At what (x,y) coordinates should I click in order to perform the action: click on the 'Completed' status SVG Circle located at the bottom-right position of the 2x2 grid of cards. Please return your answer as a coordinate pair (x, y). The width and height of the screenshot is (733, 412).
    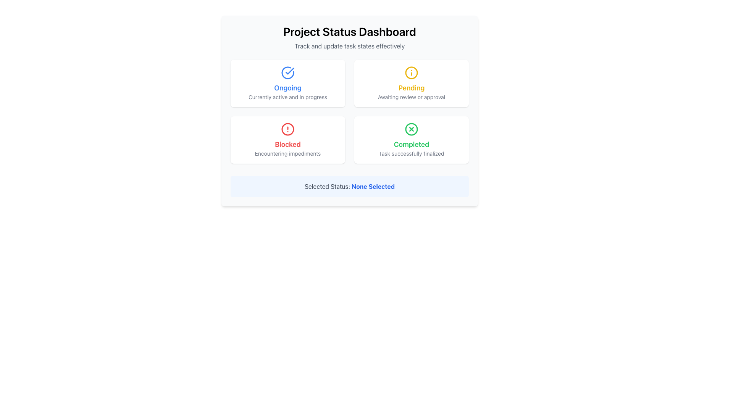
    Looking at the image, I should click on (411, 129).